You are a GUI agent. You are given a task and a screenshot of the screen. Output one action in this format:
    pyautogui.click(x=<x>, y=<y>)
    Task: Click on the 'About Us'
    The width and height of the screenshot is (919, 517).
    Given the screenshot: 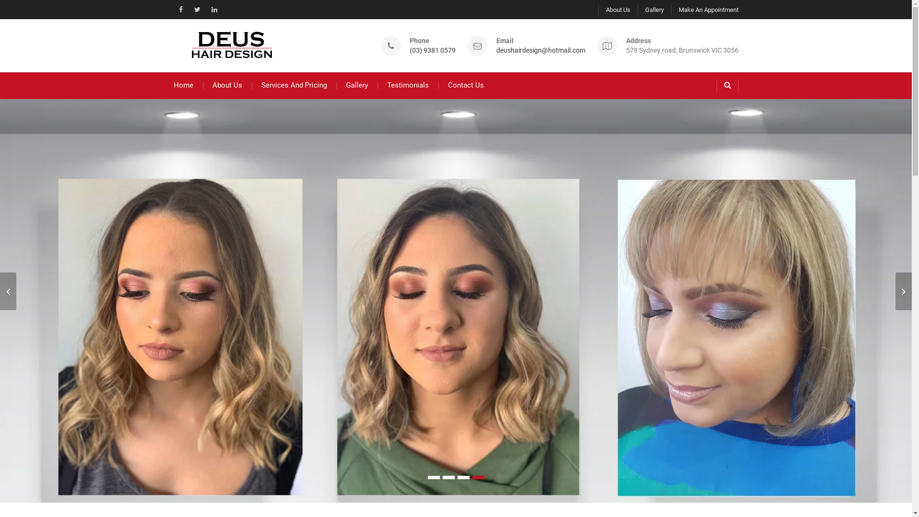 What is the action you would take?
    pyautogui.click(x=227, y=85)
    